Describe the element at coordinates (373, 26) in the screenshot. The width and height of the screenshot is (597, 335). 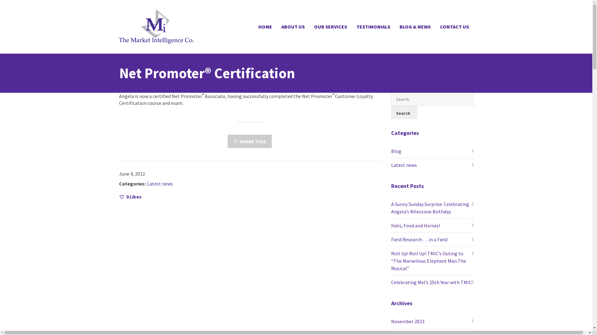
I see `'TESTIMONIALS'` at that location.